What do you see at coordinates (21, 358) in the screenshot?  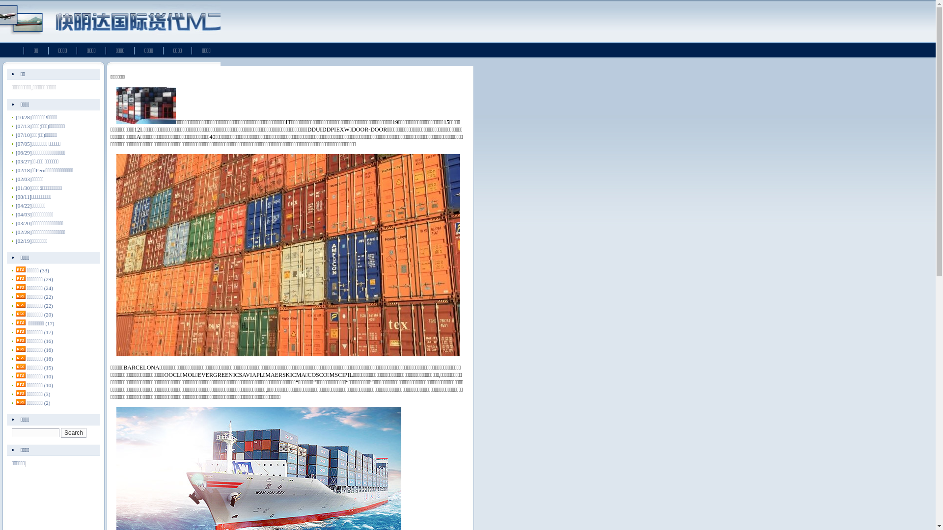 I see `'rss'` at bounding box center [21, 358].